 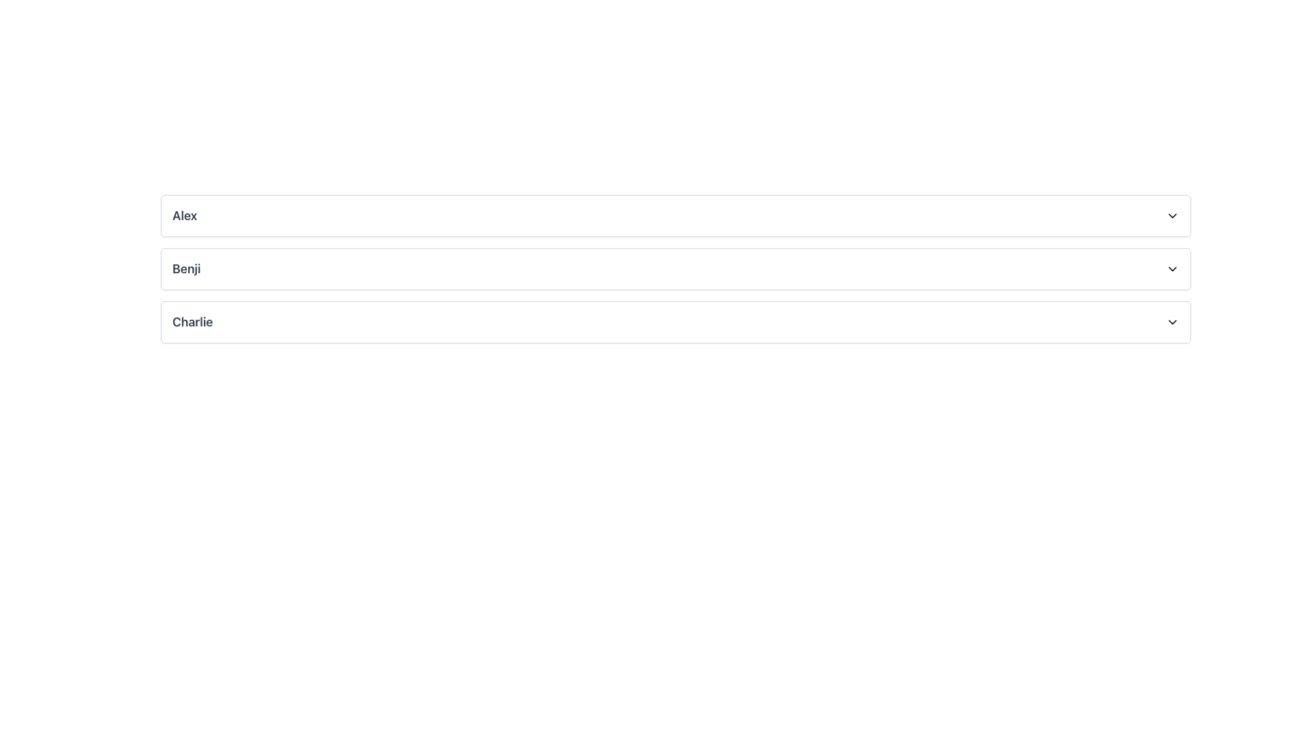 I want to click on the selectable list item displaying 'Alex', so click(x=676, y=215).